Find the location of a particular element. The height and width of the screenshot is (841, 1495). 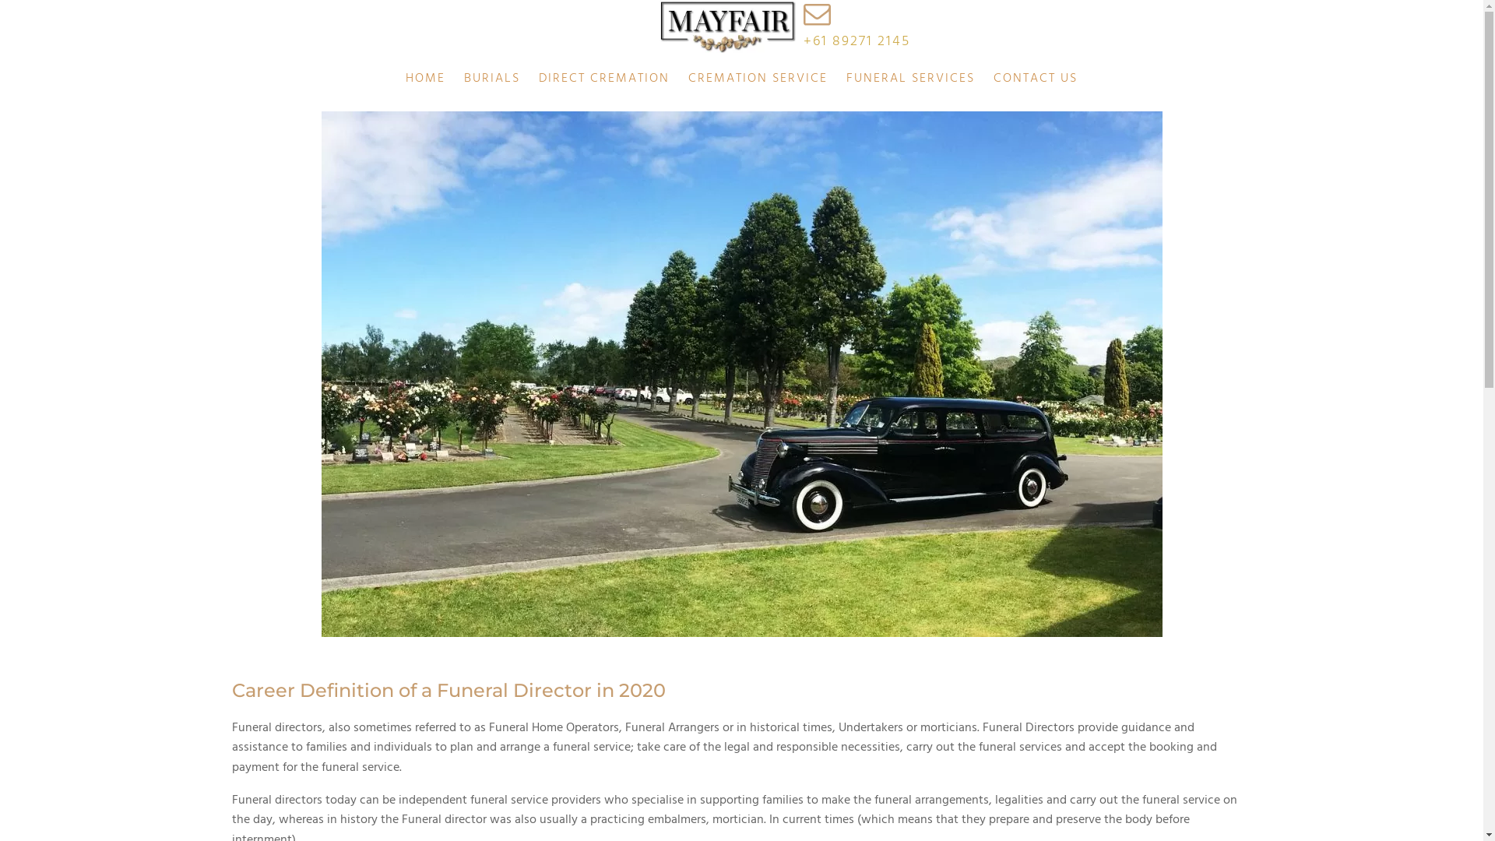

'DIRECT CREMATION' is located at coordinates (603, 79).